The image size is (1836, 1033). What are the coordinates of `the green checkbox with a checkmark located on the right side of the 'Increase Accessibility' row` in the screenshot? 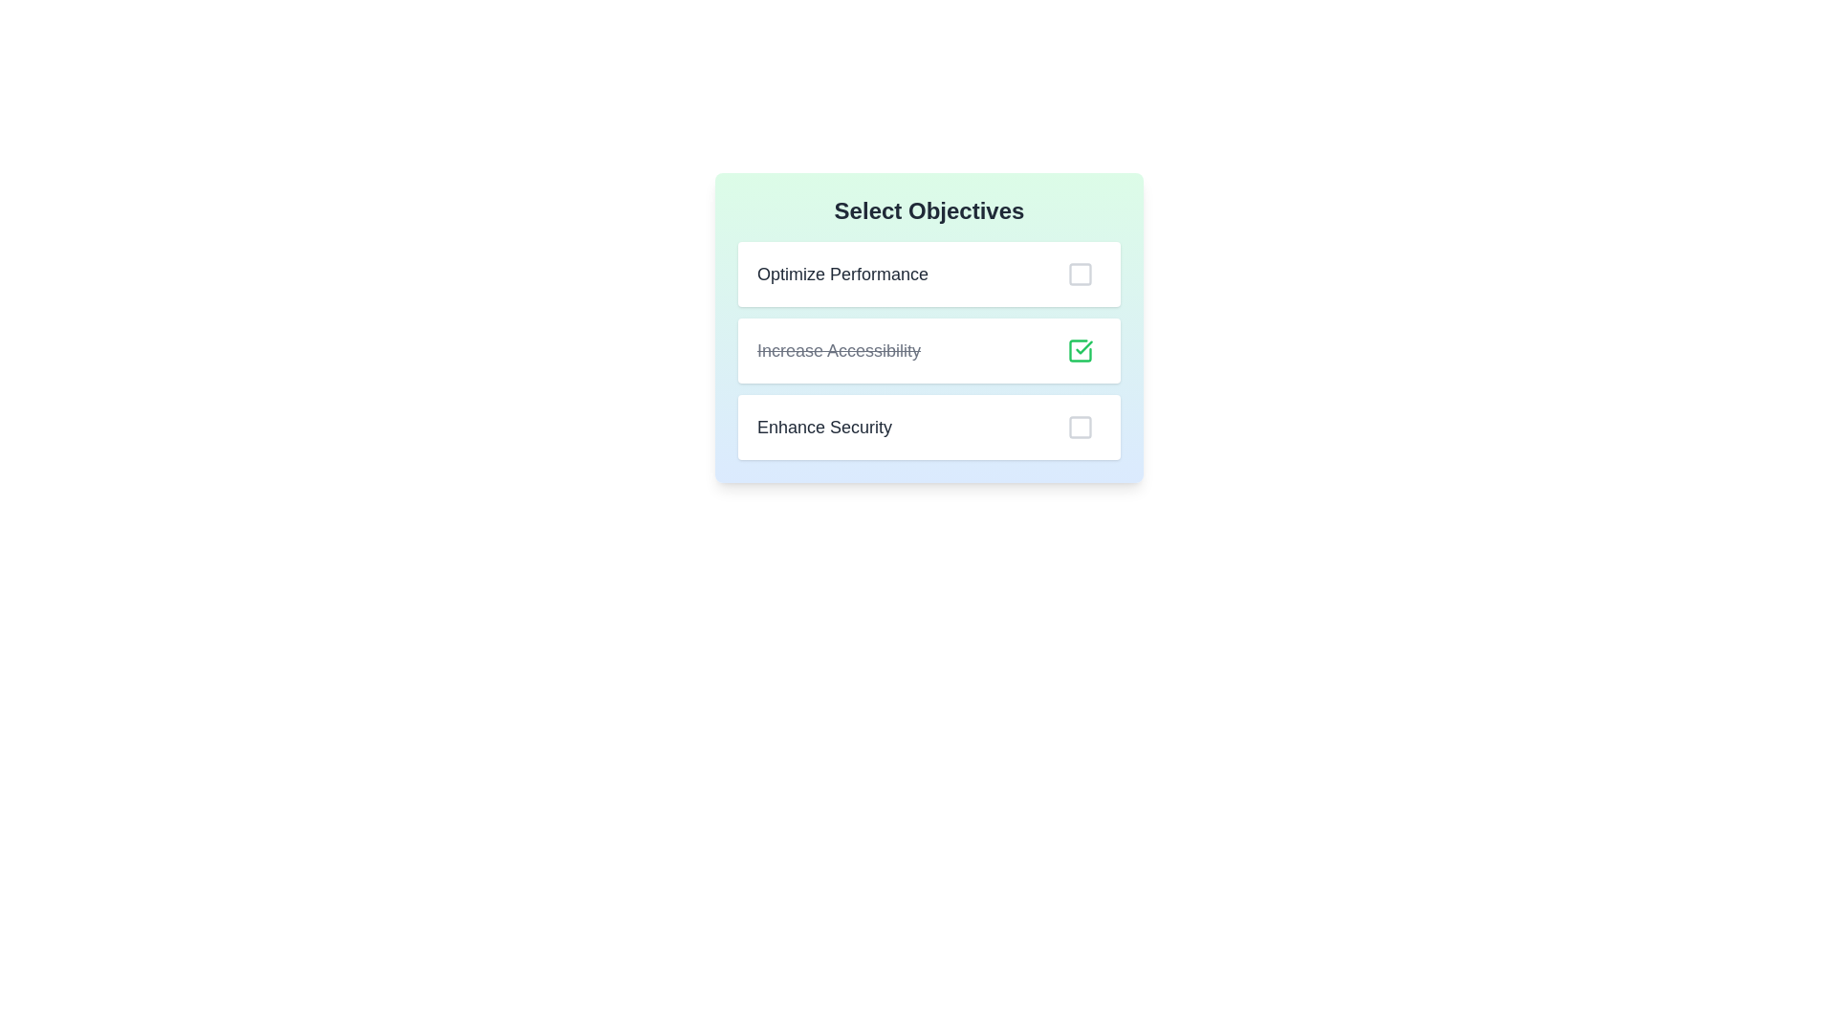 It's located at (1080, 350).